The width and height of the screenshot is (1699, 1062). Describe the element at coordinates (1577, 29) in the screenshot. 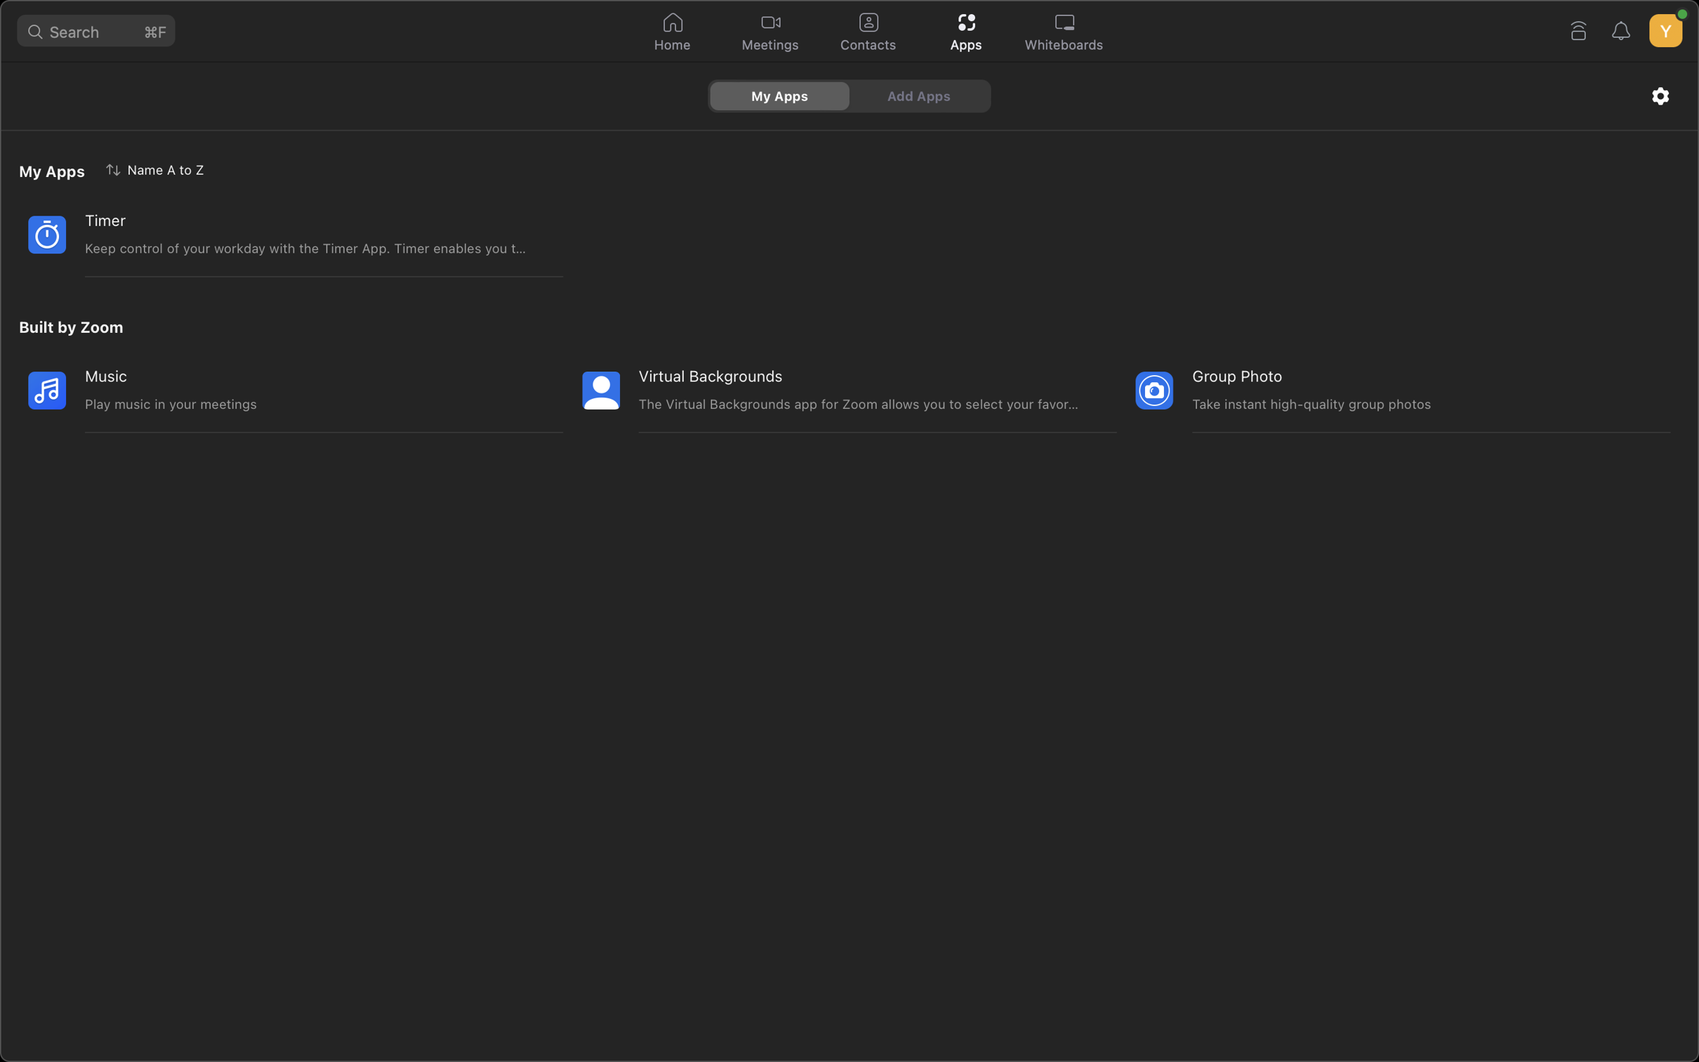

I see `pair-up with the room named "ABCDE" on the Zoom platform` at that location.